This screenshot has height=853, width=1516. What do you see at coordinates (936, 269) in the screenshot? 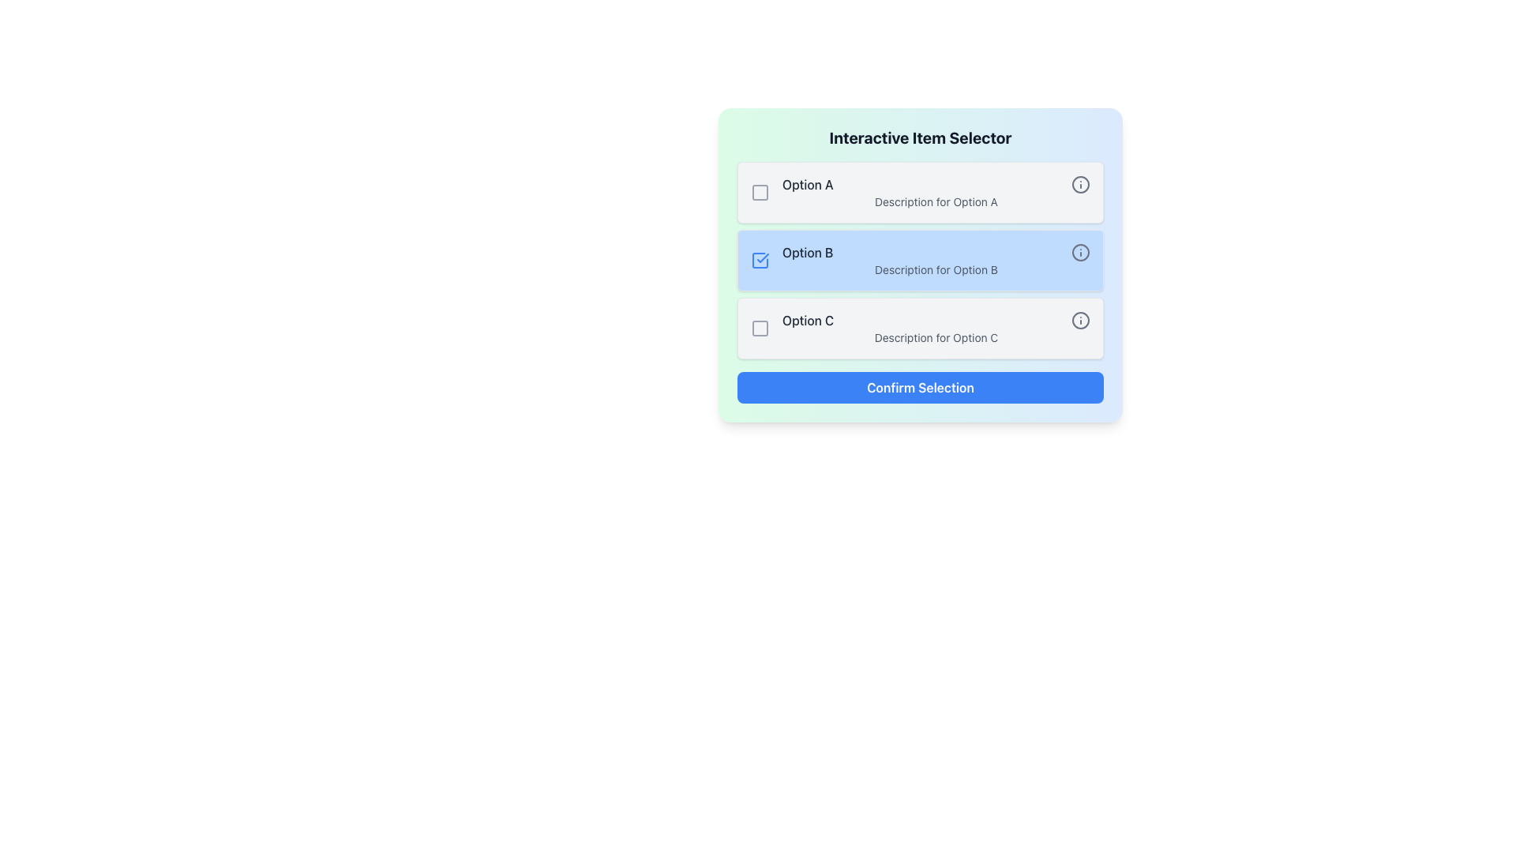
I see `the static text label providing additional information about 'Option B', positioned directly below its corresponding group label` at bounding box center [936, 269].